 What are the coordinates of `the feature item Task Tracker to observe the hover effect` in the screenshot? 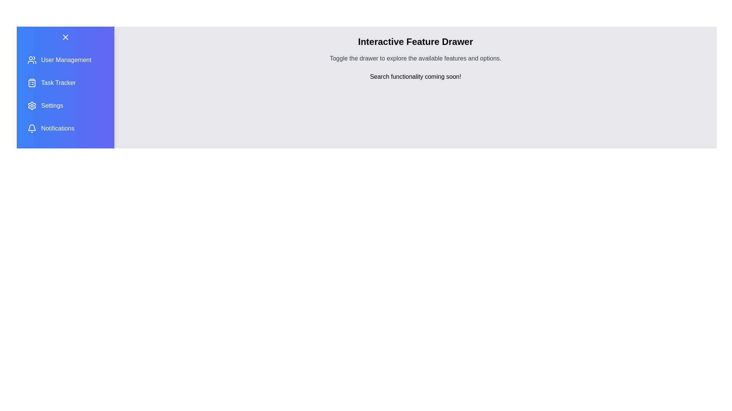 It's located at (66, 83).